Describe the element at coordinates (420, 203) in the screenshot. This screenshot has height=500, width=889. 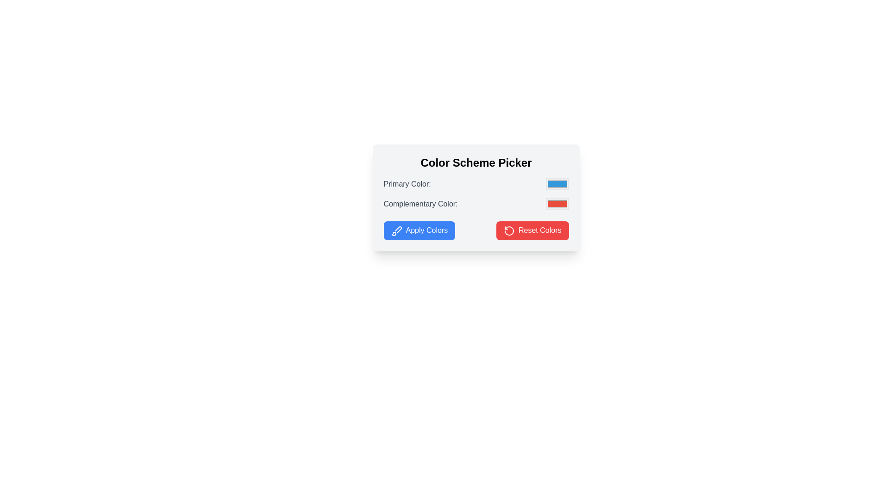
I see `the text label reading 'Complementary Color:' which is styled in gray and positioned to the left of the color picker input field` at that location.